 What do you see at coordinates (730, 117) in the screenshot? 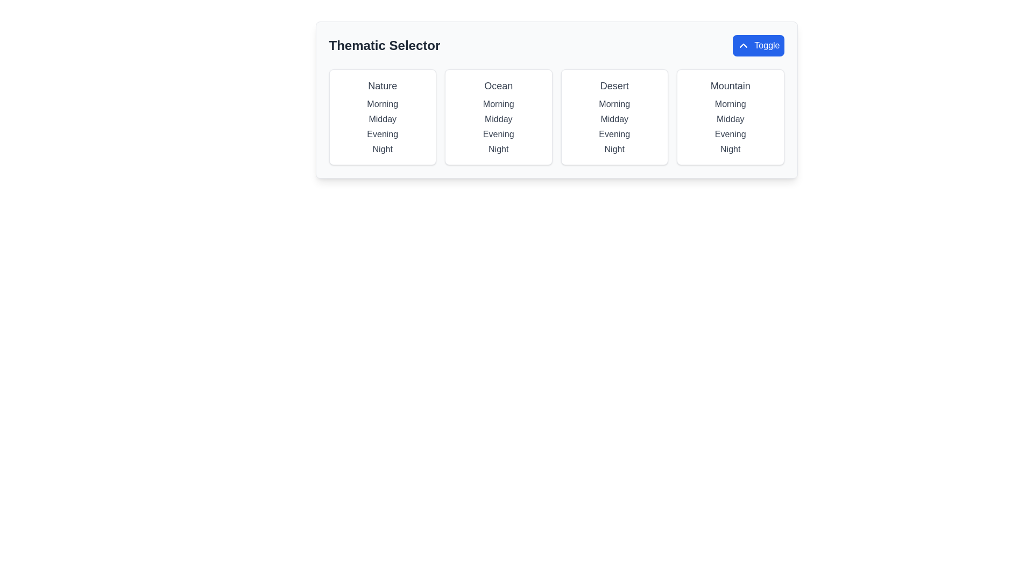
I see `the selectable options panel related to the 'Mountain' theme, which is the fourth item in a grid layout of thematic options including 'Nature', 'Ocean', and 'Desert'` at bounding box center [730, 117].